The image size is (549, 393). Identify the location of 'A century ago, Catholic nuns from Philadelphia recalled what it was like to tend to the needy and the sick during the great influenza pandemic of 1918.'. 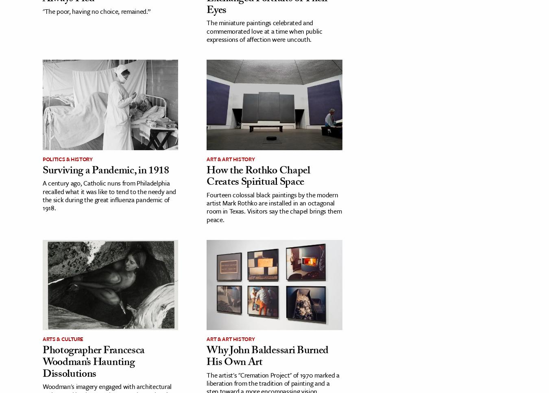
(109, 195).